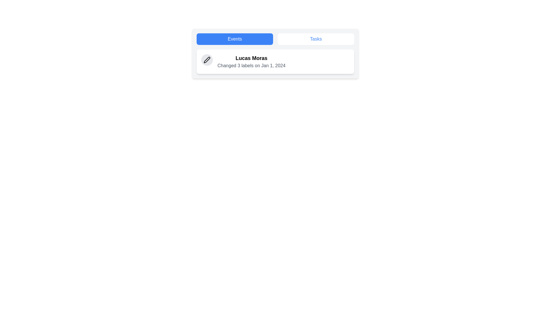 The height and width of the screenshot is (313, 556). I want to click on the 'Tasks' button located to the right of the 'Events' button, so click(315, 39).